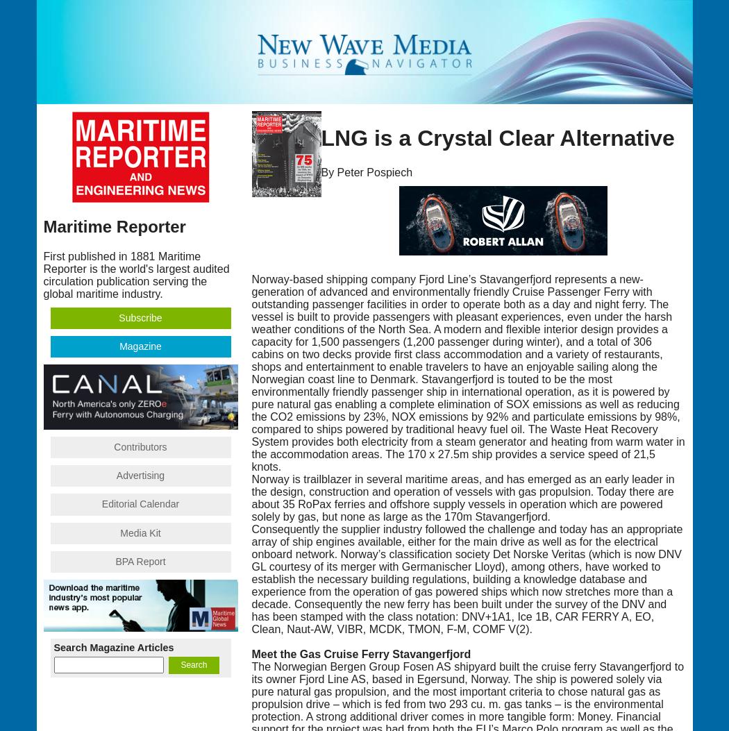 Image resolution: width=729 pixels, height=731 pixels. Describe the element at coordinates (462, 497) in the screenshot. I see `'Norway is trailblazer in several maritime areas, and has emerged as an early leader in the design, construction and operation of vessels with gas propulsion. Today there are about 35 RoPax ferries and offshore supply vessels in operation which are powered solely by gas, but none as large as the 170m Stavangerfjord.'` at that location.